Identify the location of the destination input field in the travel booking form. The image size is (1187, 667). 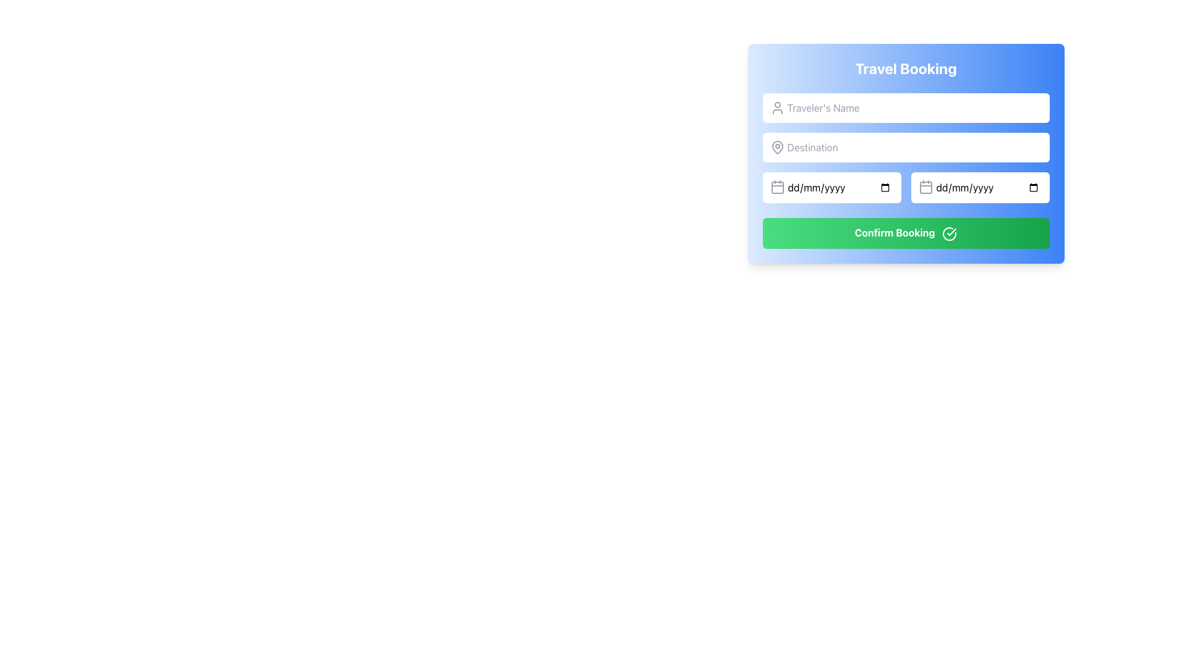
(906, 153).